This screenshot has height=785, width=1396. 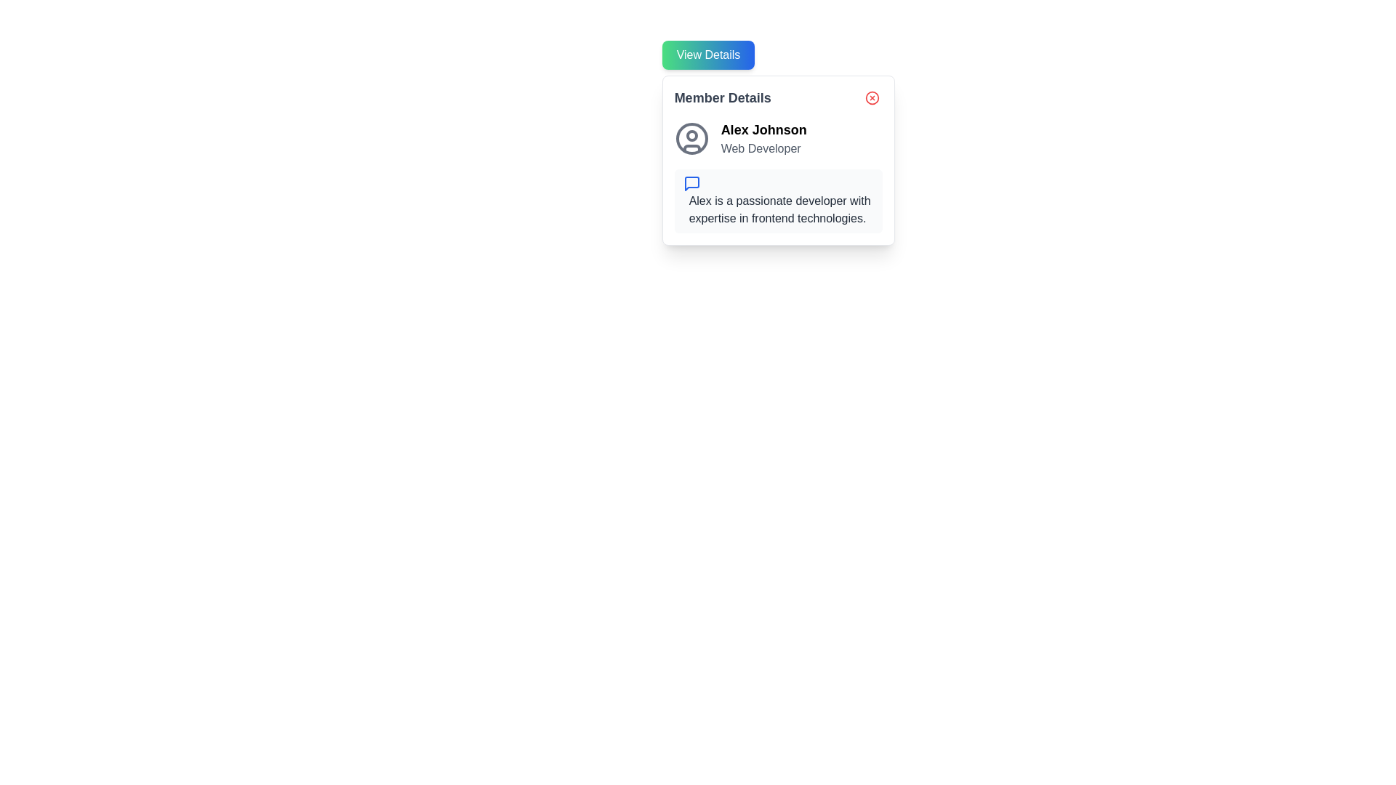 I want to click on the text 'Alex Johnson' in the Member Details card, which is the second section containing a profile avatar and text information, so click(x=777, y=139).